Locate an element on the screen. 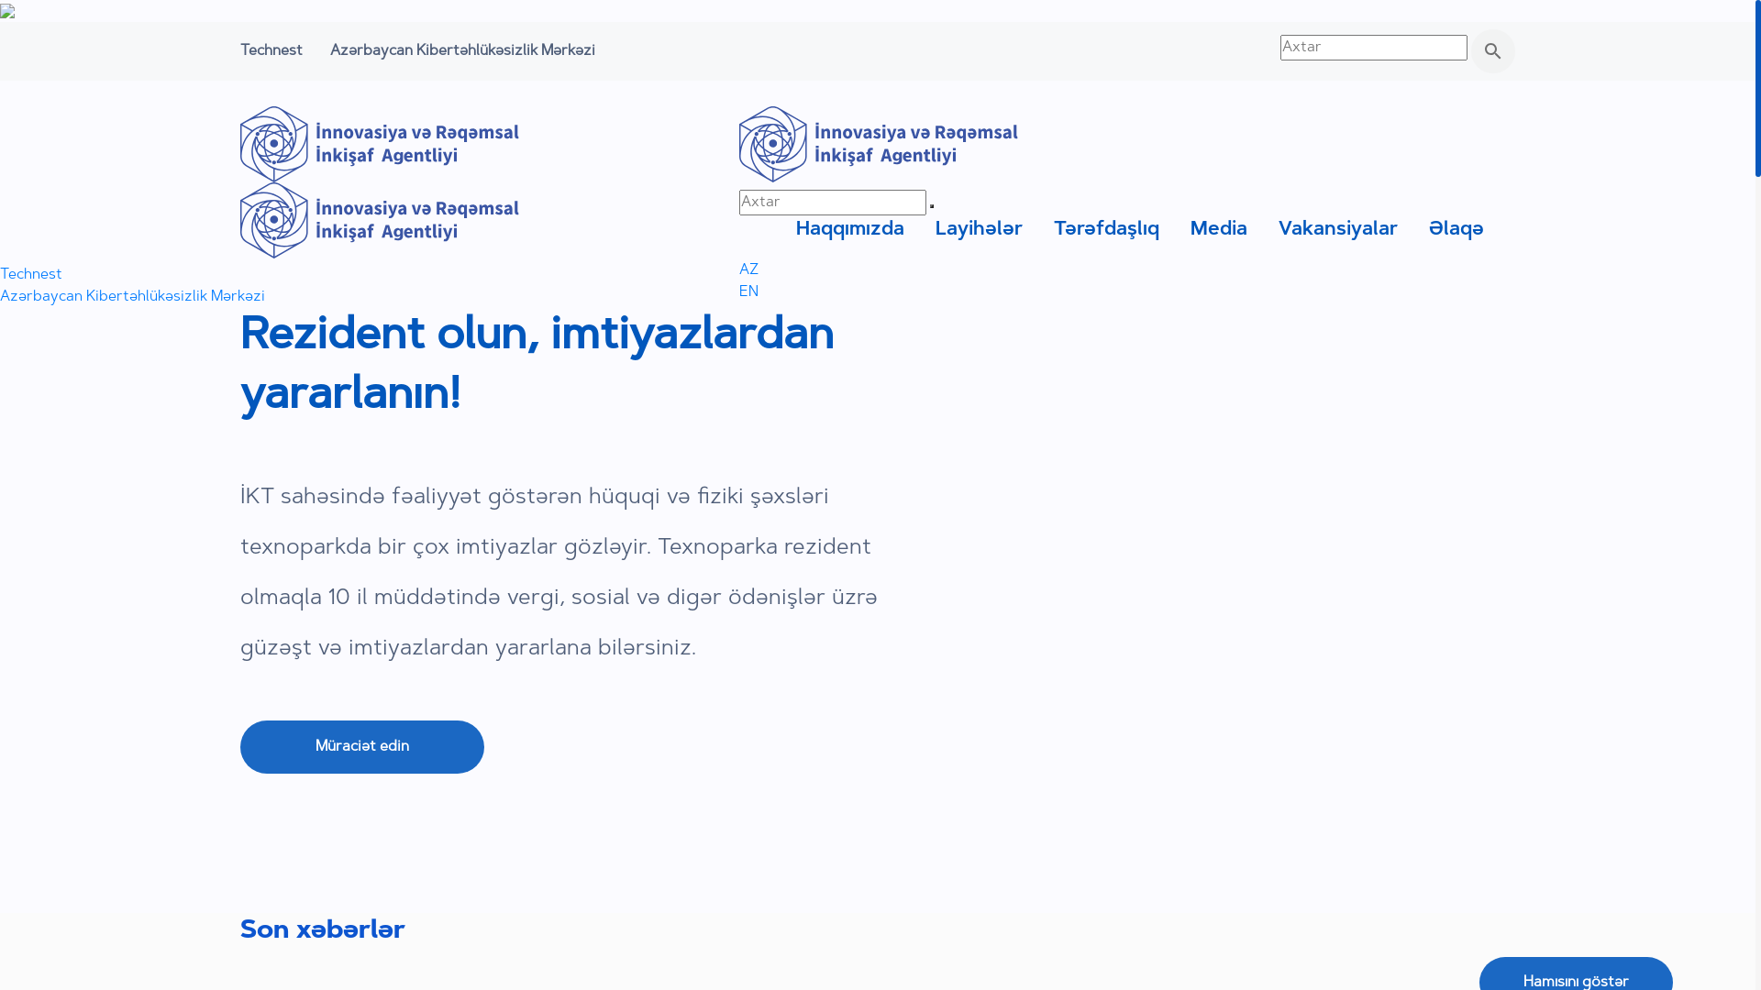 The width and height of the screenshot is (1761, 990). 'logo' is located at coordinates (378, 143).